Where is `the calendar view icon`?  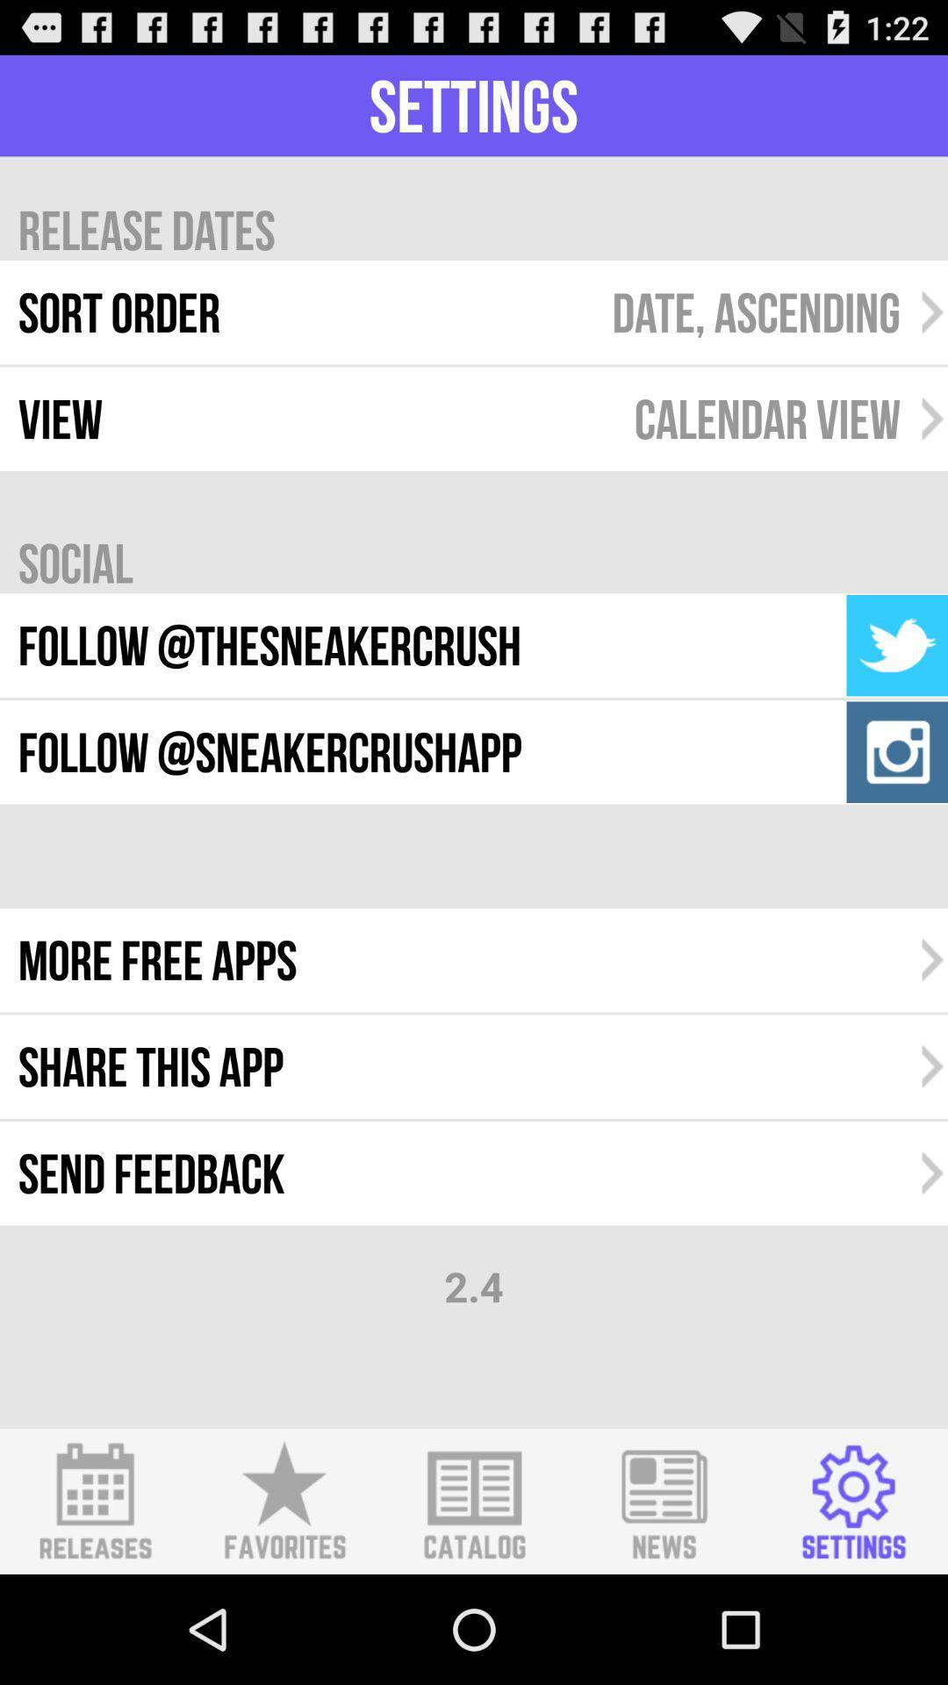
the calendar view icon is located at coordinates (766, 418).